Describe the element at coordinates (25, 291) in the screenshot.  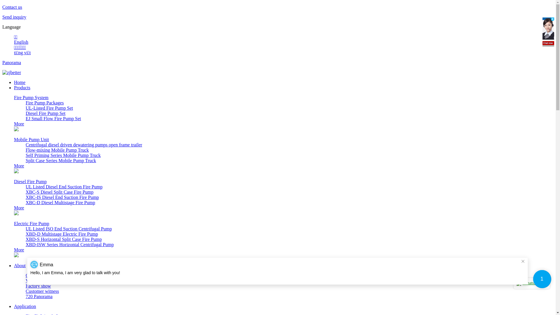
I see `'Customer witness'` at that location.